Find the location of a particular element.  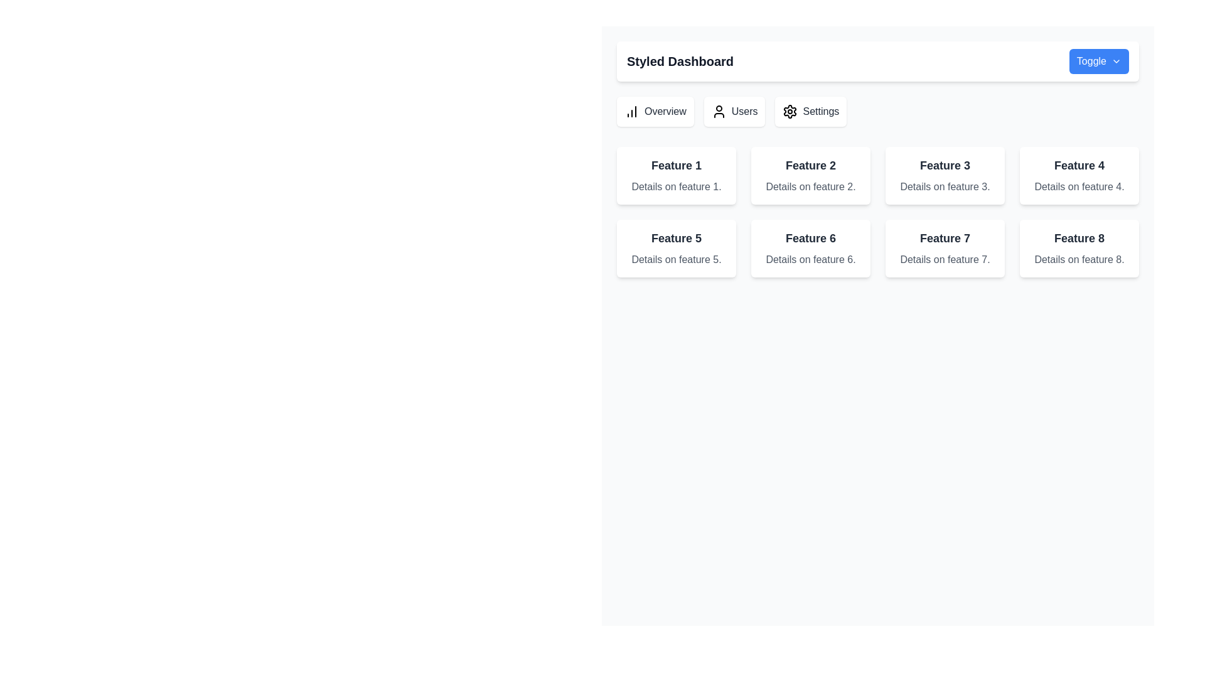

the descriptive text element located inside the card for 'Feature 1' in the first column of the grid layout is located at coordinates (676, 186).